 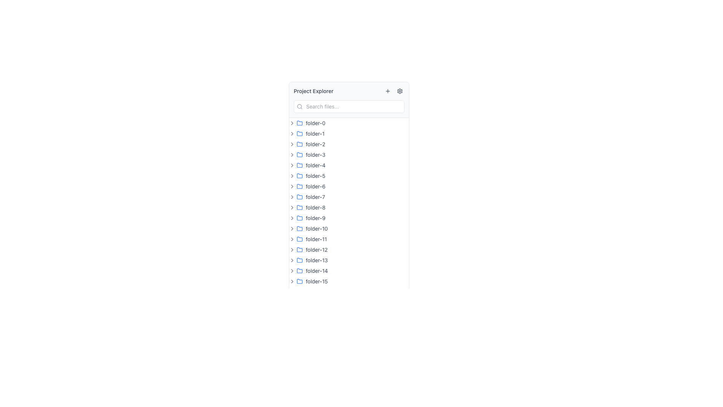 I want to click on the text label 'folder-1', so click(x=315, y=133).